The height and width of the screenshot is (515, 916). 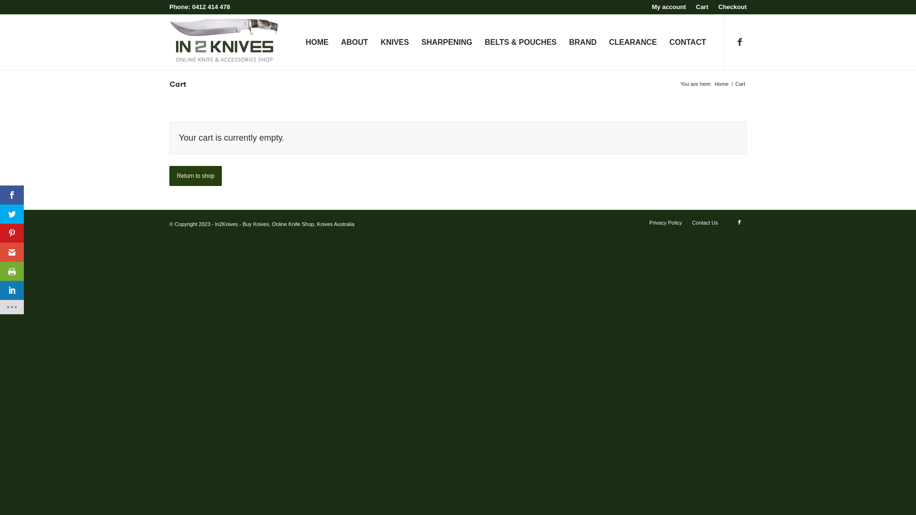 I want to click on 'Privacy Policy', so click(x=649, y=222).